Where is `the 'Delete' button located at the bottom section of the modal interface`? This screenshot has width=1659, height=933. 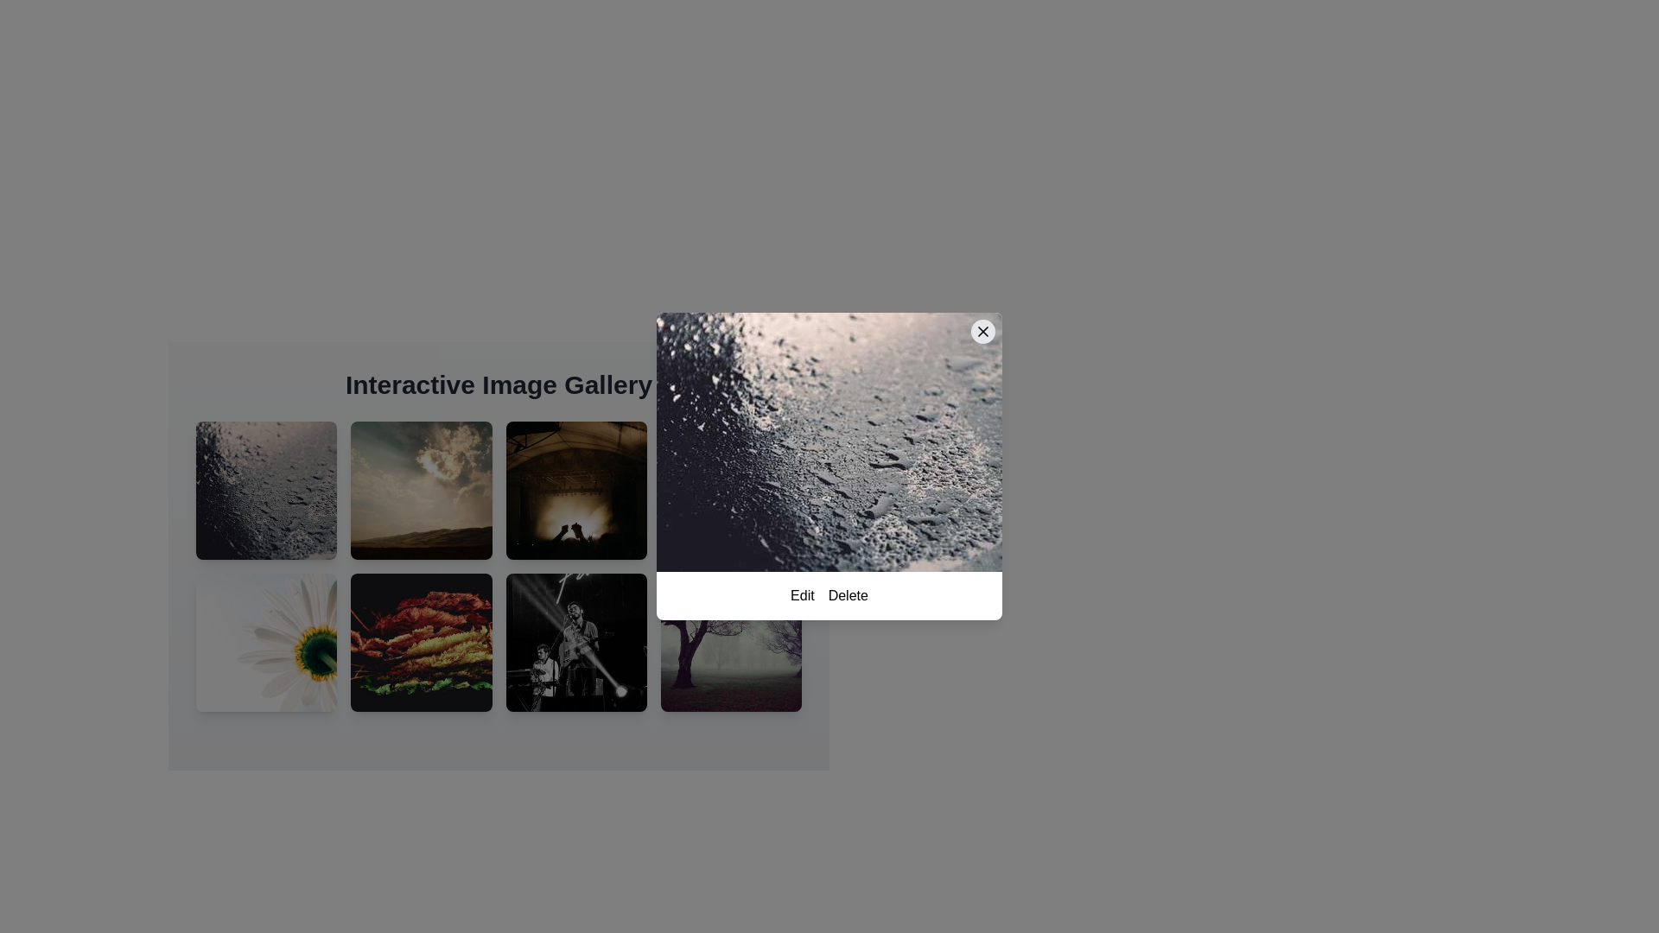
the 'Delete' button located at the bottom section of the modal interface is located at coordinates (829, 595).